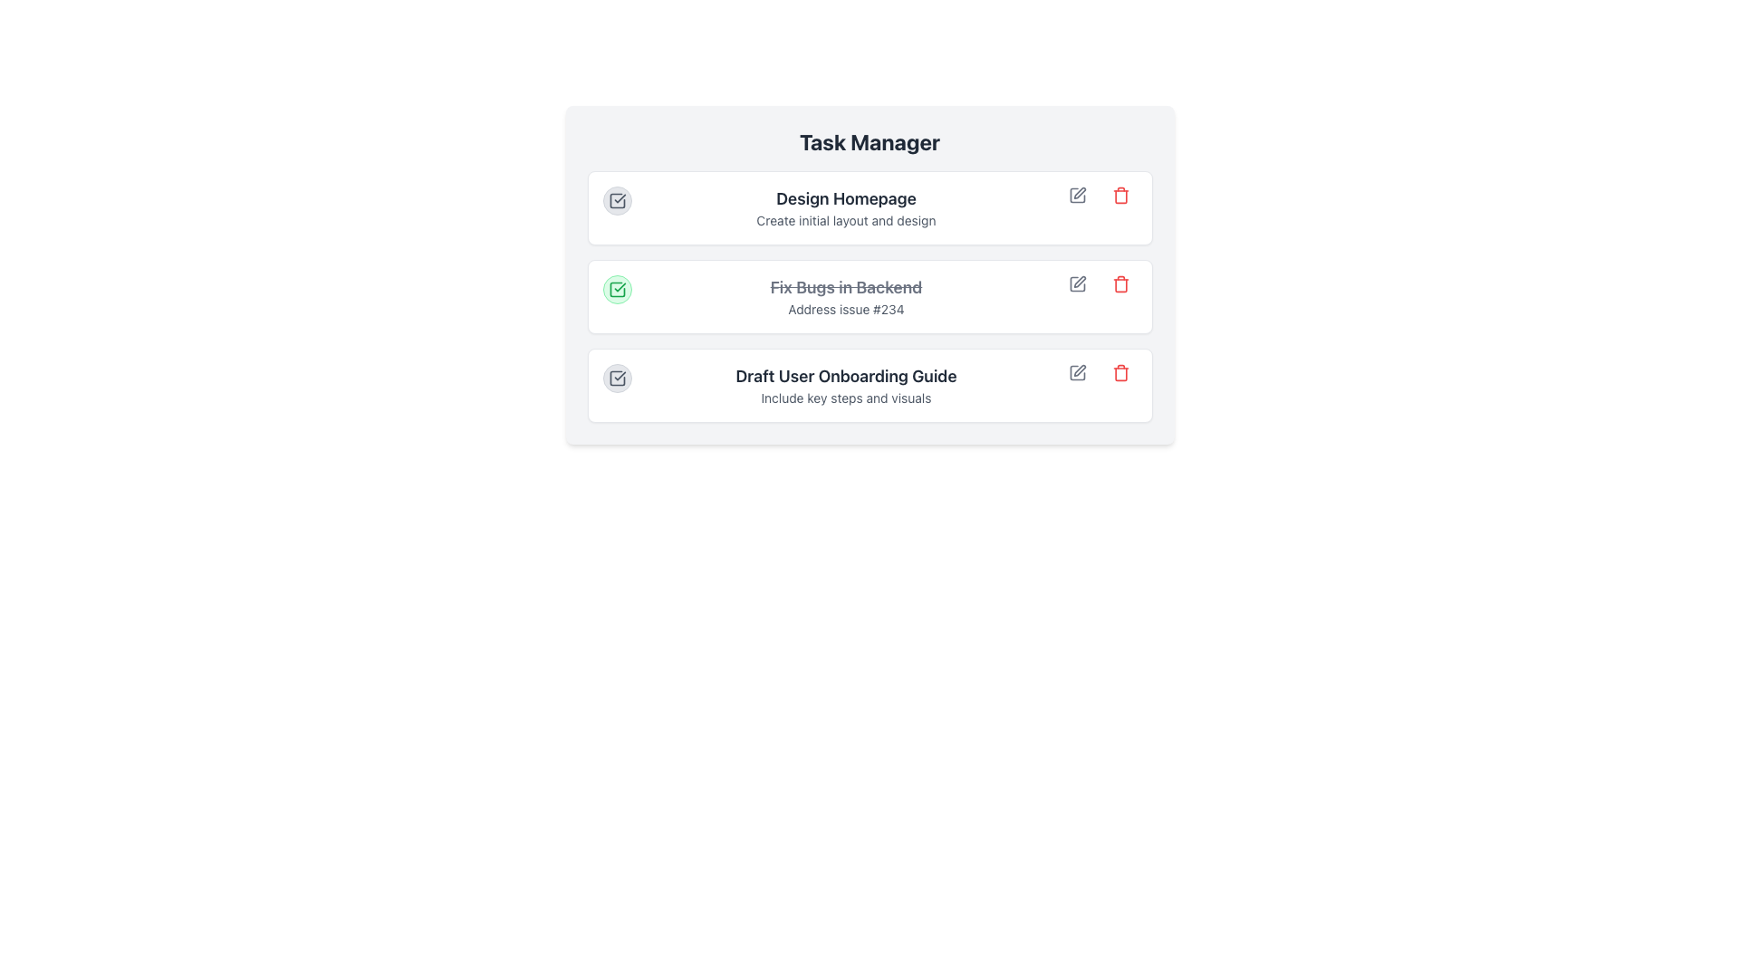 This screenshot has height=978, width=1739. Describe the element at coordinates (1077, 372) in the screenshot. I see `the edit pen icon located in the third task card labeled 'Draft User Onboarding Guide' to initiate edit mode` at that location.